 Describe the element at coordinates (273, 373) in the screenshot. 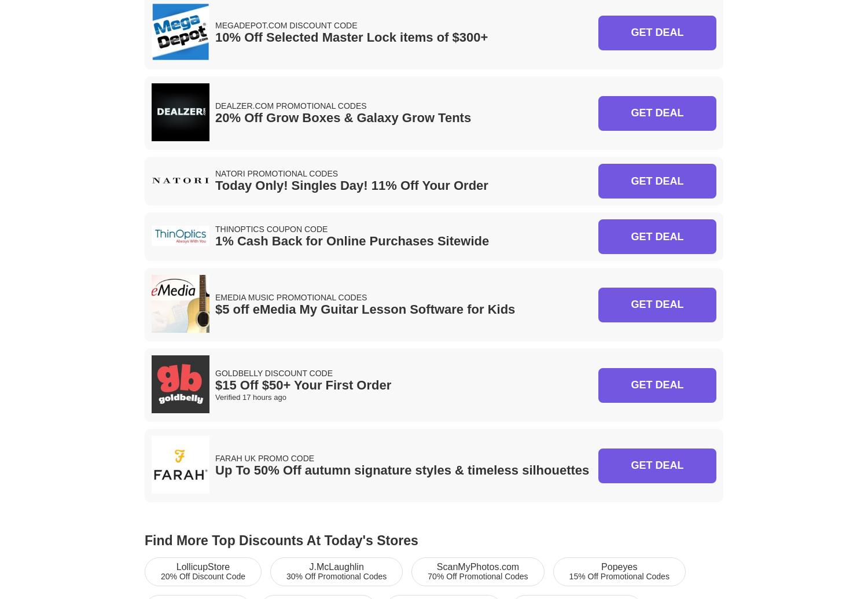

I see `'Goldbelly Discount Code'` at that location.